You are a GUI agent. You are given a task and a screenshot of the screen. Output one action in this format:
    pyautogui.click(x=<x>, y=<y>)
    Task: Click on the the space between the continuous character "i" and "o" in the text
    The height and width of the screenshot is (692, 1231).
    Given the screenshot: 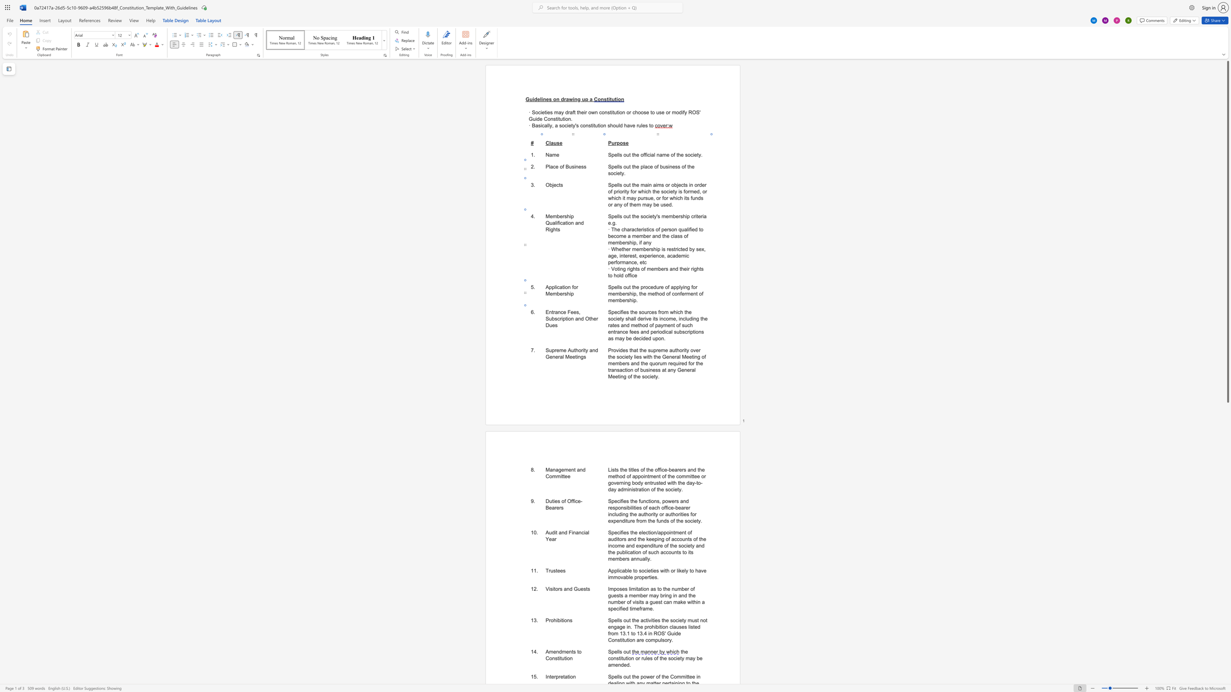 What is the action you would take?
    pyautogui.click(x=564, y=620)
    